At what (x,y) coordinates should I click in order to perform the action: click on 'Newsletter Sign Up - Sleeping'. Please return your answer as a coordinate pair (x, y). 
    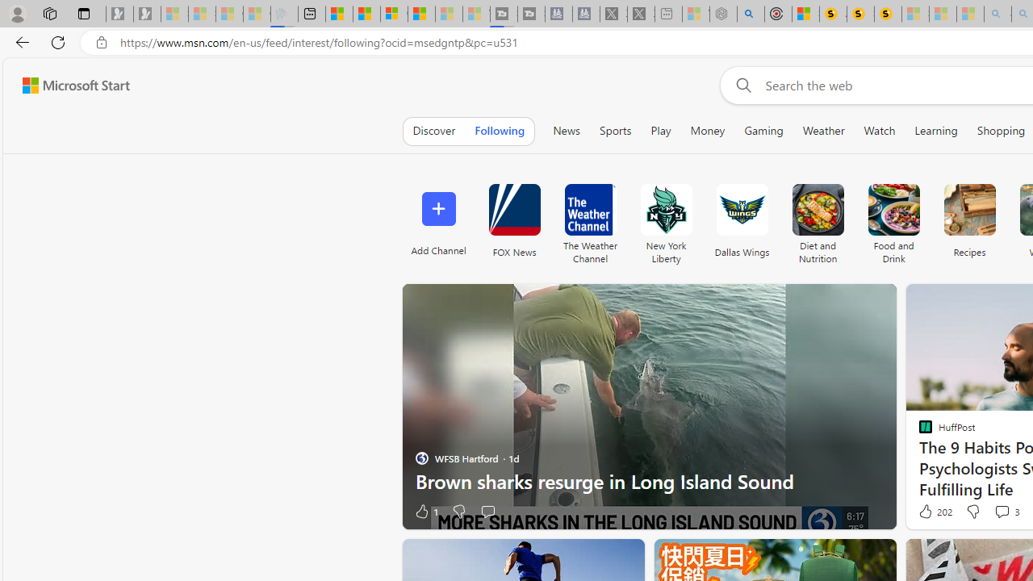
    Looking at the image, I should click on (147, 14).